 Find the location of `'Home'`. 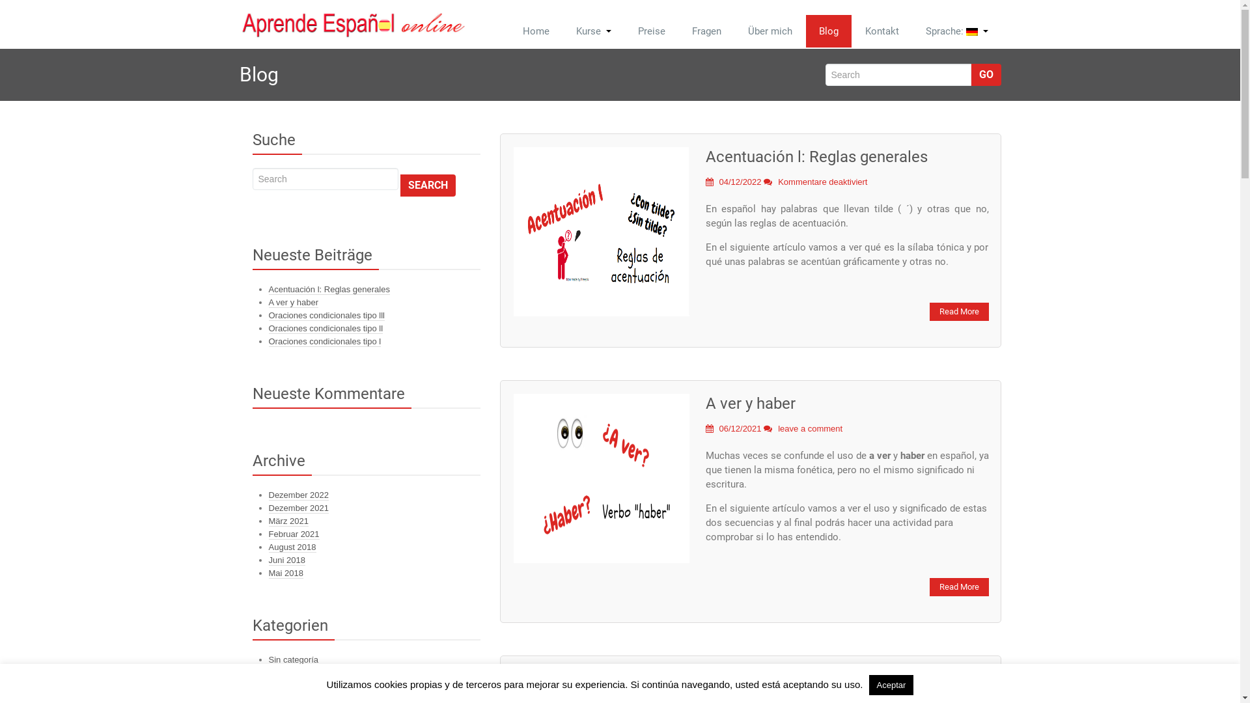

'Home' is located at coordinates (535, 30).